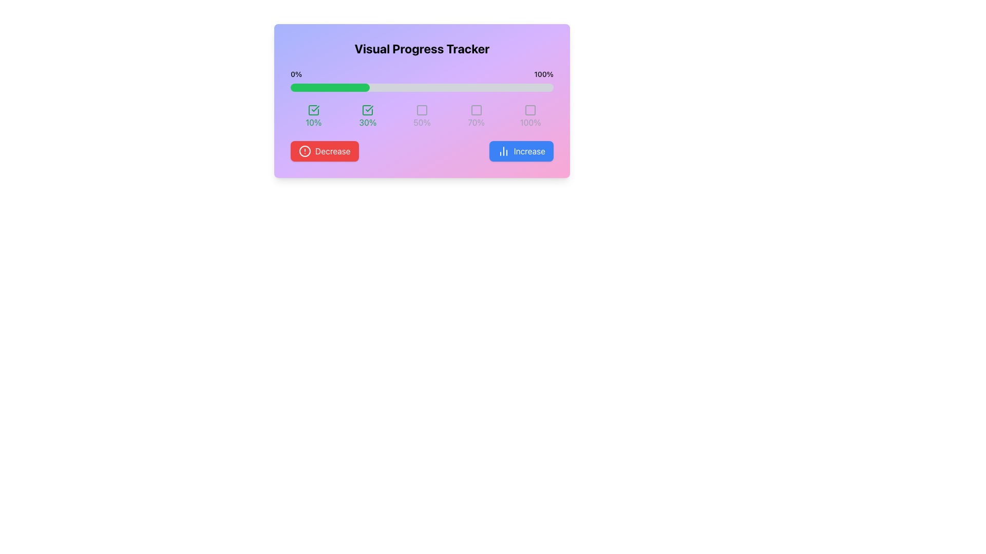  What do you see at coordinates (305, 151) in the screenshot?
I see `the circular alert icon located within the 'Decrease' button, which features a bold outer stroke and an exclamation mark, positioned on the bottom left side of the visual card` at bounding box center [305, 151].